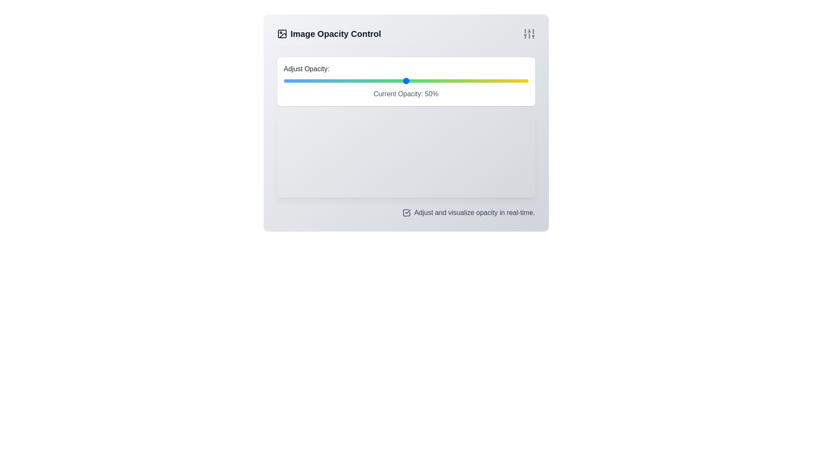 The image size is (815, 458). I want to click on the opacity, so click(286, 81).